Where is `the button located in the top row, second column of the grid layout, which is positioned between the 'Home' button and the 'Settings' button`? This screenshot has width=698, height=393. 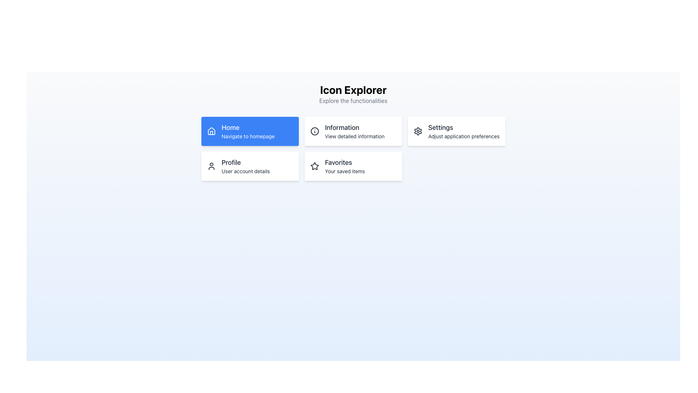
the button located in the top row, second column of the grid layout, which is positioned between the 'Home' button and the 'Settings' button is located at coordinates (353, 131).